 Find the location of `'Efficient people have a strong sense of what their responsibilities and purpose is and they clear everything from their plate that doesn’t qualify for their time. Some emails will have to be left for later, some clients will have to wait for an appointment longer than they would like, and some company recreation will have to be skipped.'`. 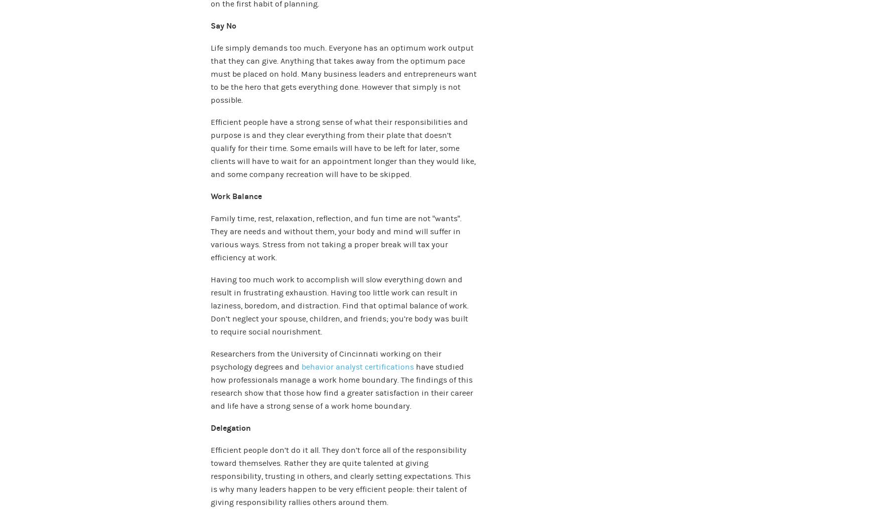

'Efficient people have a strong sense of what their responsibilities and purpose is and they clear everything from their plate that doesn’t qualify for their time. Some emails will have to be left for later, some clients will have to wait for an appointment longer than they would like, and some company recreation will have to be skipped.' is located at coordinates (343, 147).